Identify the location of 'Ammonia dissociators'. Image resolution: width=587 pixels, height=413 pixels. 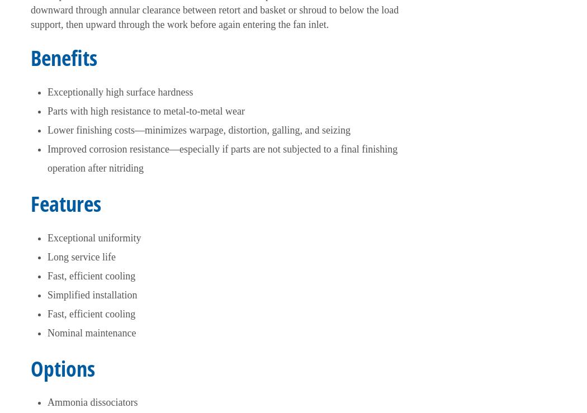
(92, 402).